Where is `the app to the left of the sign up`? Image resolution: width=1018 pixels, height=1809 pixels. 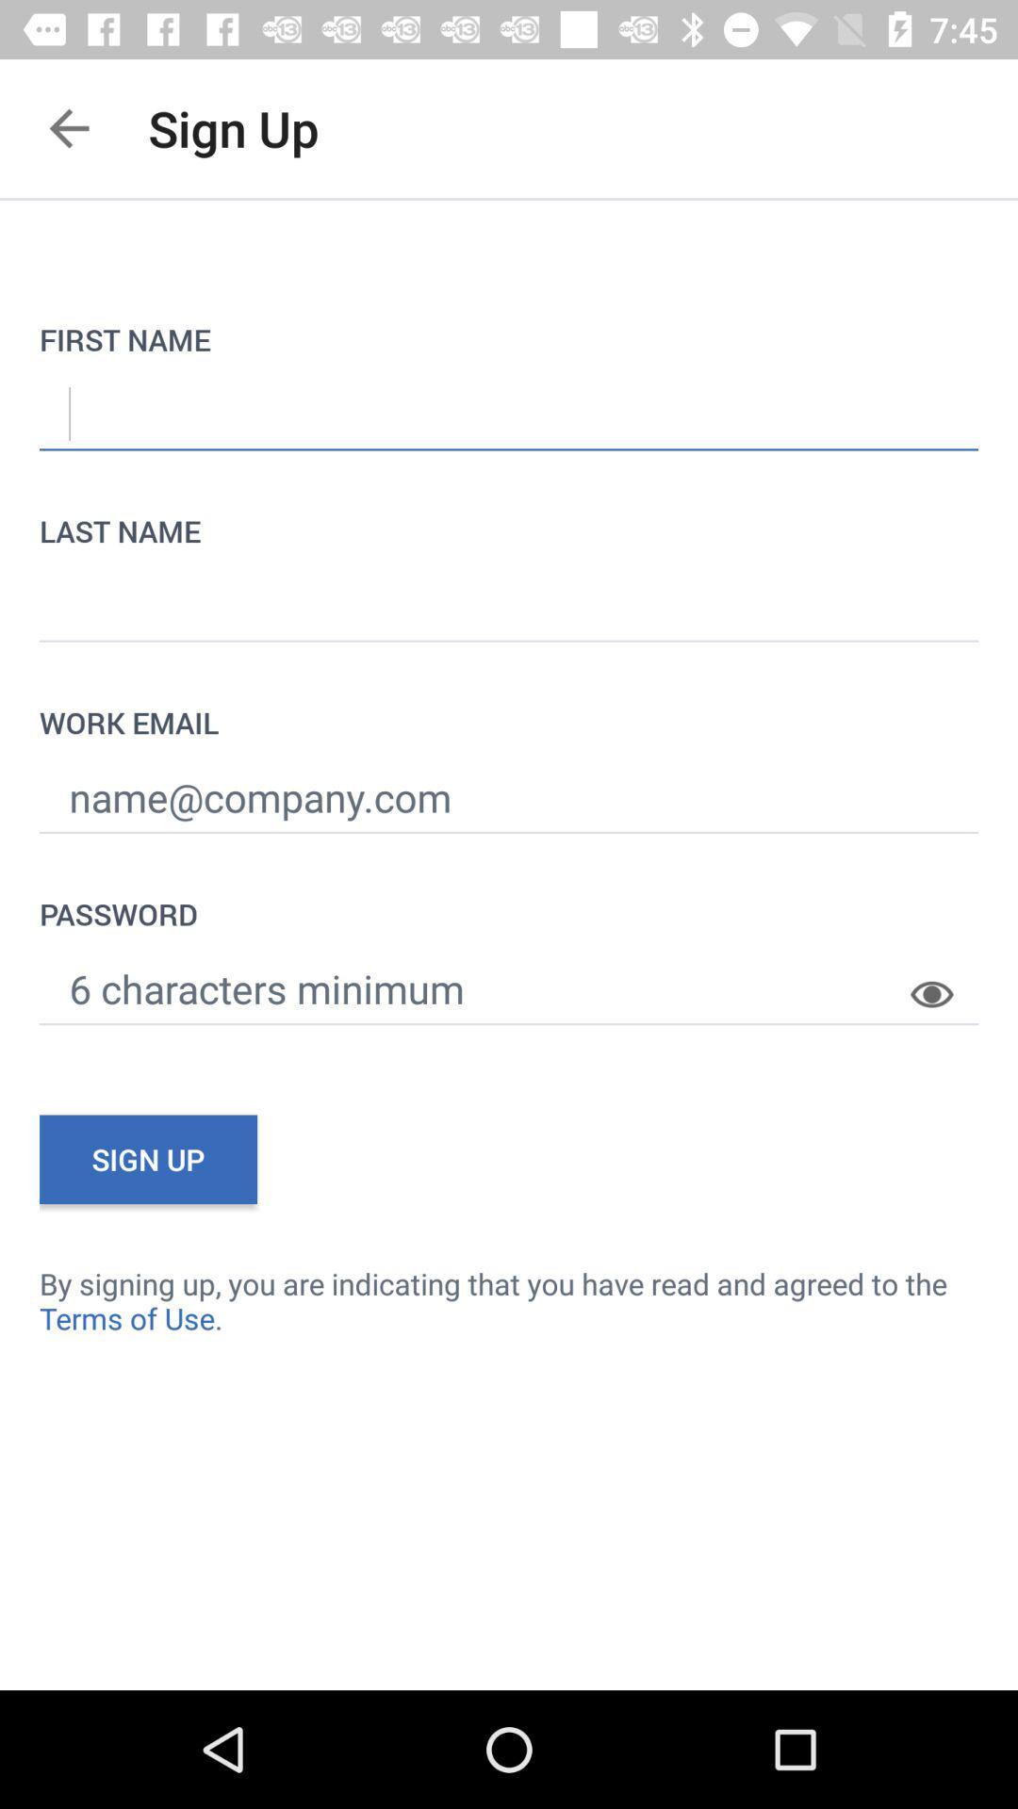 the app to the left of the sign up is located at coordinates (68, 127).